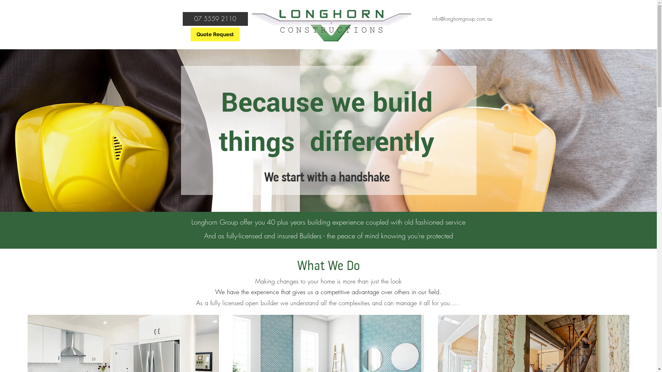 Image resolution: width=662 pixels, height=372 pixels. Describe the element at coordinates (462, 18) in the screenshot. I see `'info@longhorngroup.com.au'` at that location.